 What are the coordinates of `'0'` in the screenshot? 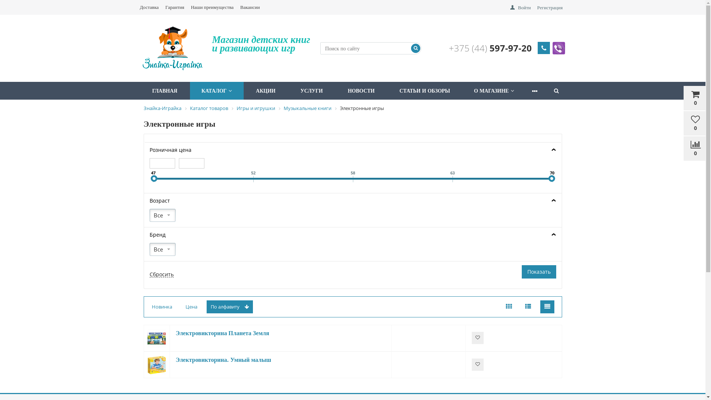 It's located at (695, 123).